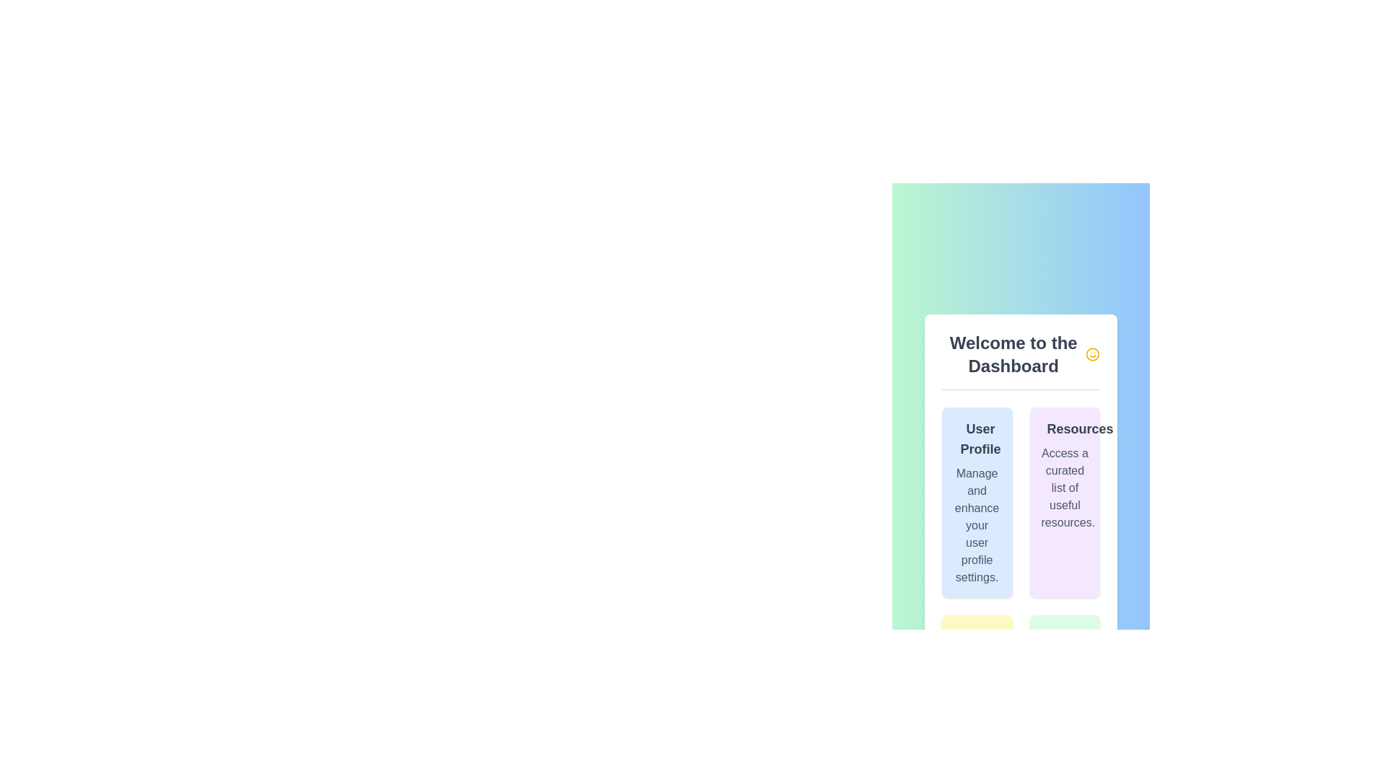  I want to click on the 'Resources' title text element, so click(1065, 428).